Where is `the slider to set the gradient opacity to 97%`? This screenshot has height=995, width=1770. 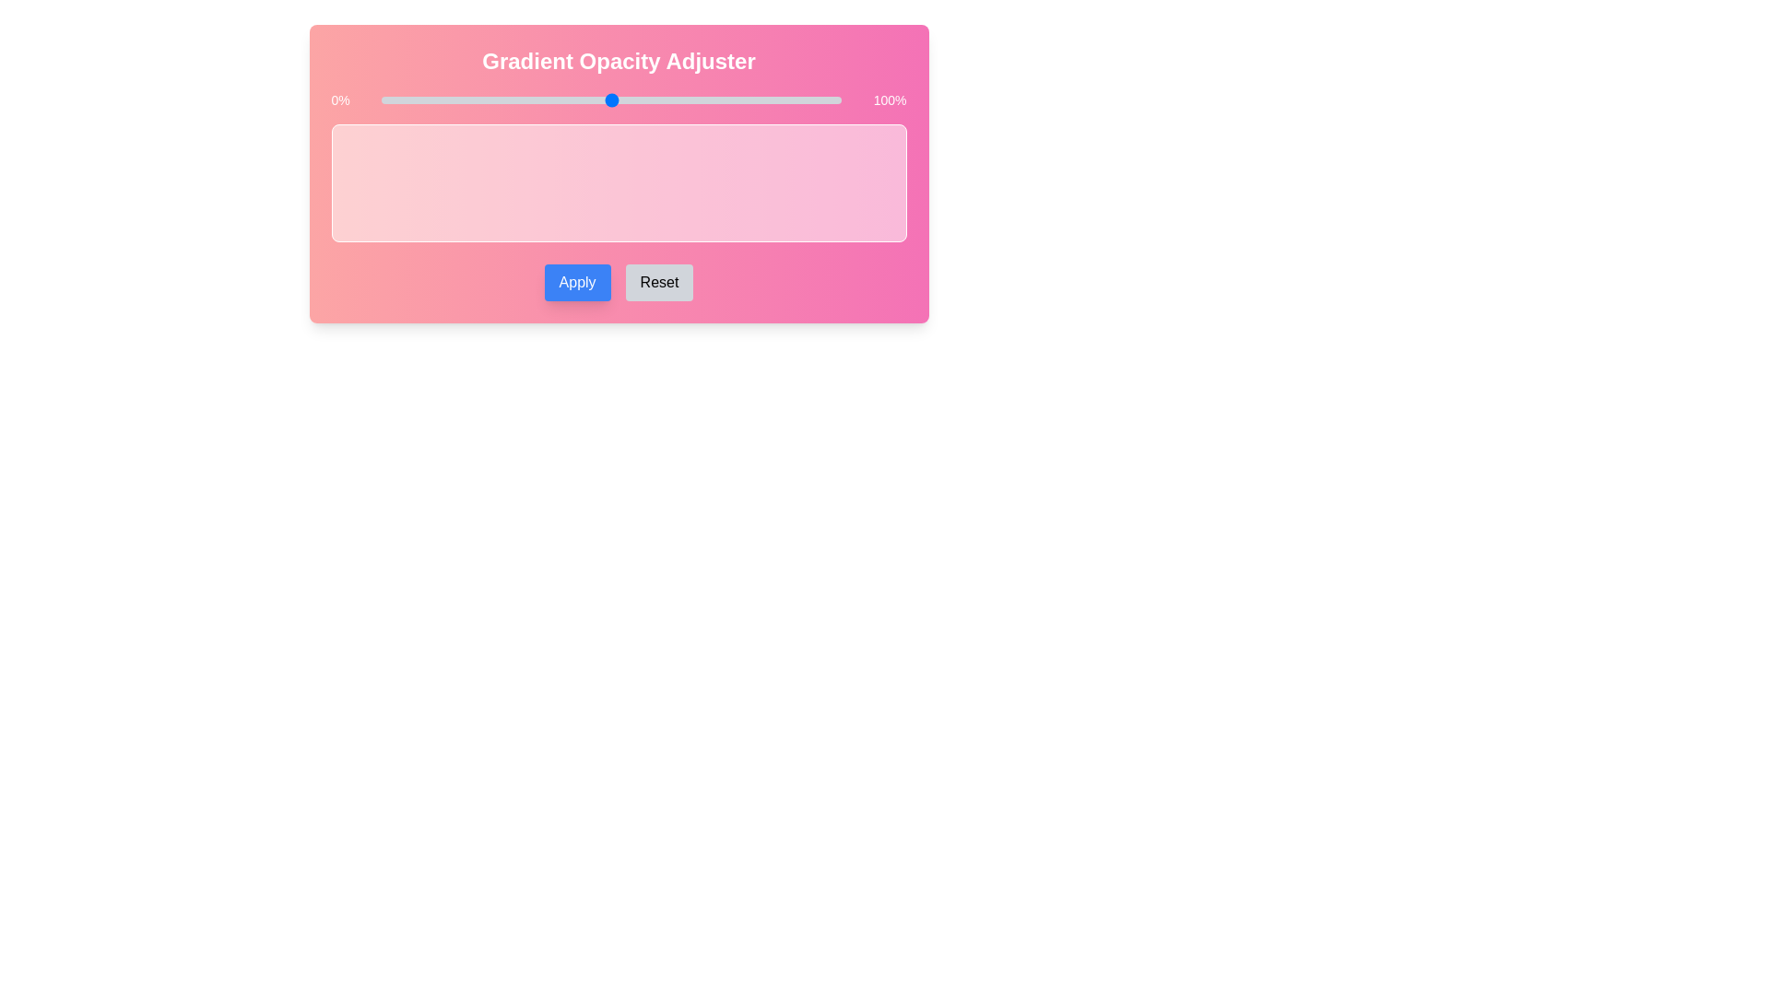
the slider to set the gradient opacity to 97% is located at coordinates (827, 99).